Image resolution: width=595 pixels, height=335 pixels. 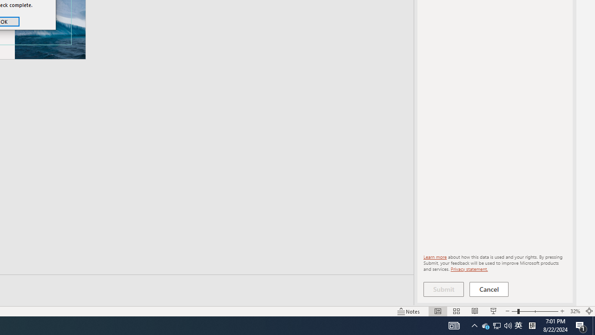 What do you see at coordinates (489, 289) in the screenshot?
I see `'Cancel'` at bounding box center [489, 289].